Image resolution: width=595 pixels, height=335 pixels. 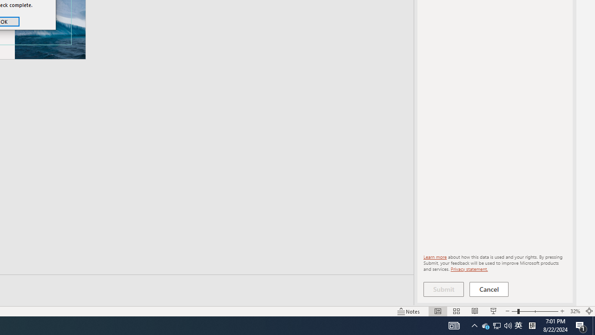 What do you see at coordinates (489, 289) in the screenshot?
I see `'Cancel'` at bounding box center [489, 289].